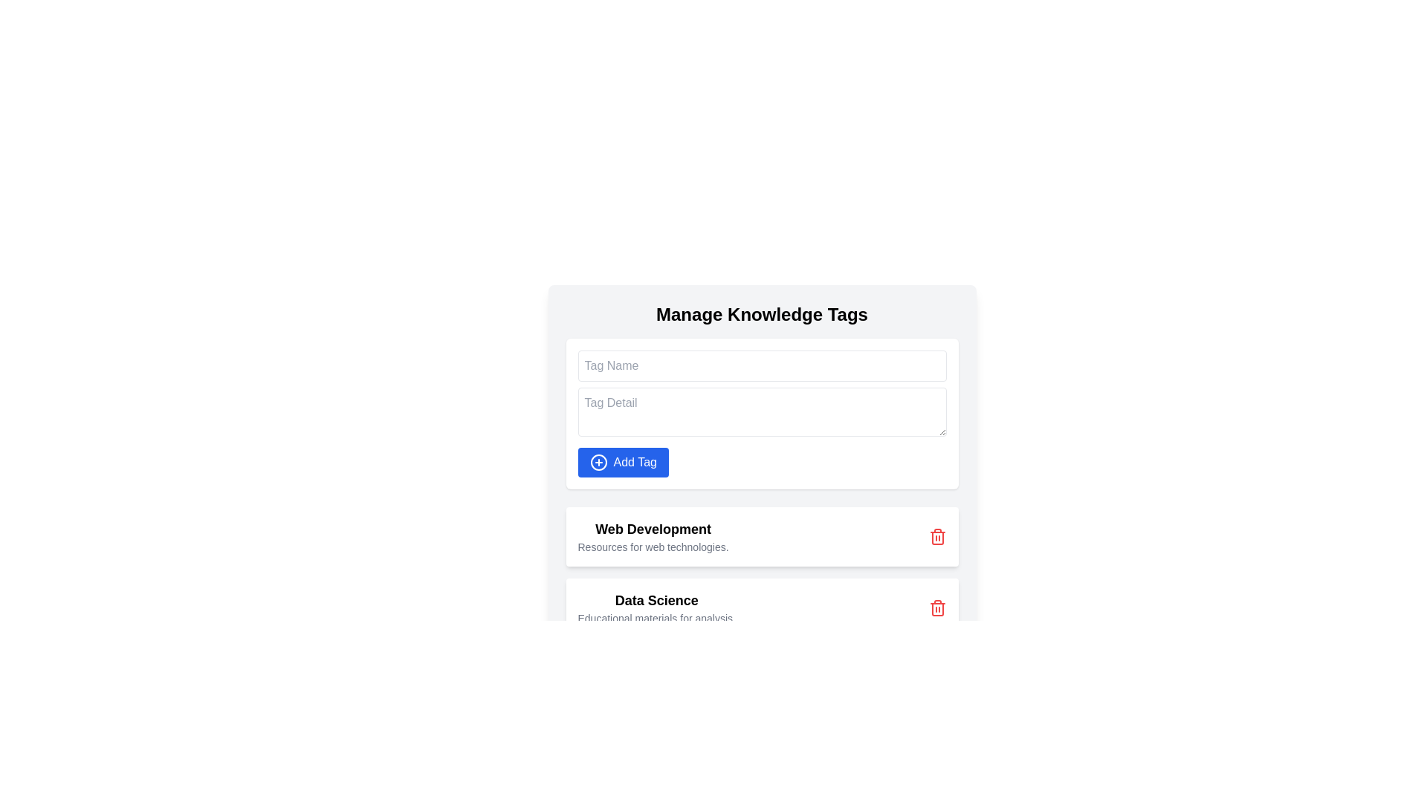 This screenshot has width=1427, height=802. Describe the element at coordinates (936, 538) in the screenshot. I see `the graphical component of the SVG trash icon, which is located on the right side of the list items under 'Manage Knowledge Tags.'` at that location.